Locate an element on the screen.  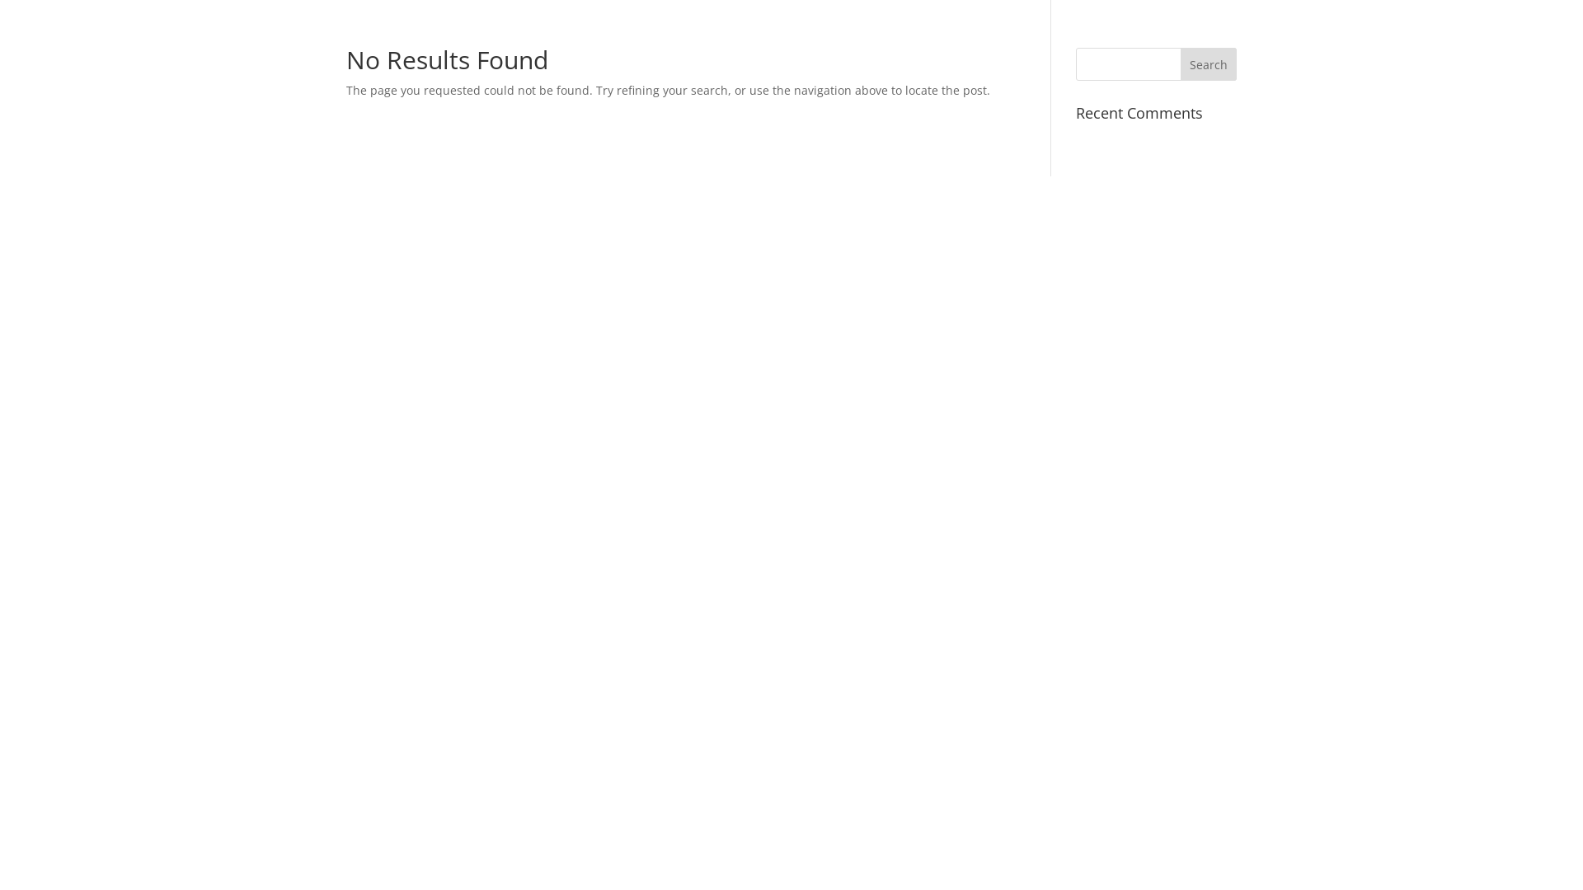
'Search' is located at coordinates (1179, 63).